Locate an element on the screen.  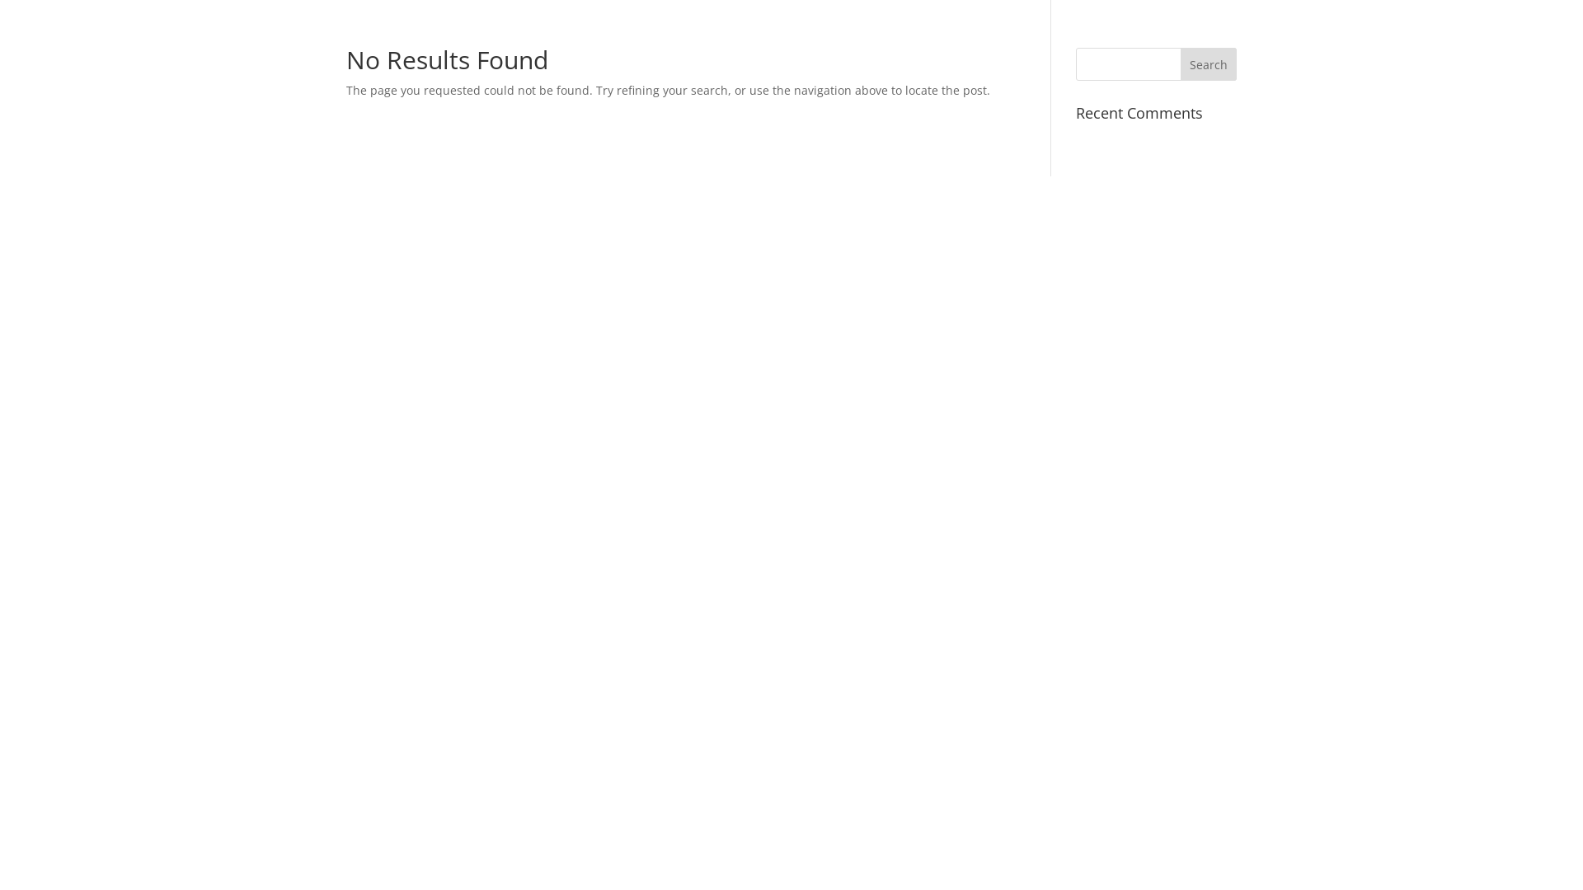
'Search' is located at coordinates (1179, 63).